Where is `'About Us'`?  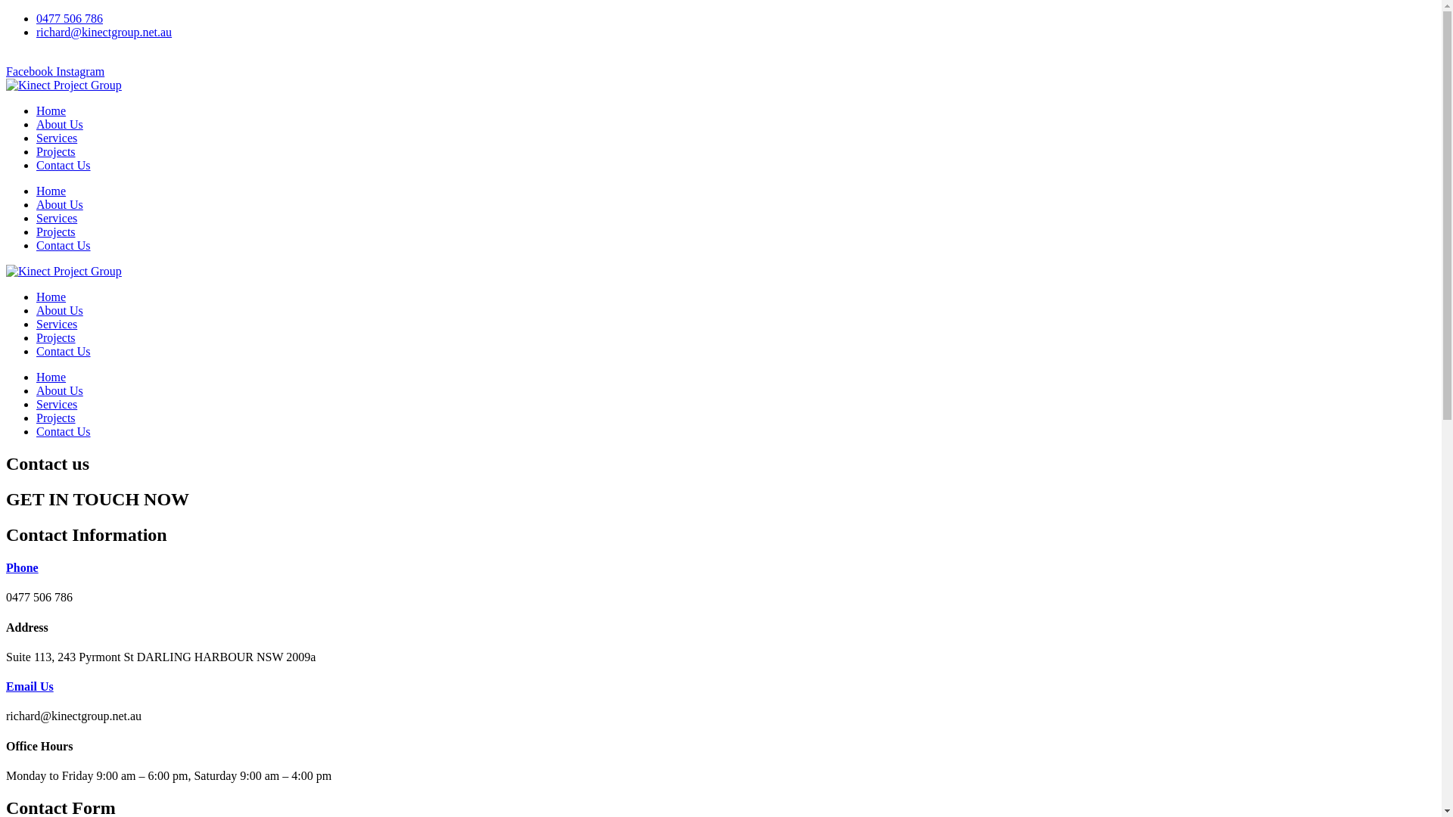 'About Us' is located at coordinates (59, 123).